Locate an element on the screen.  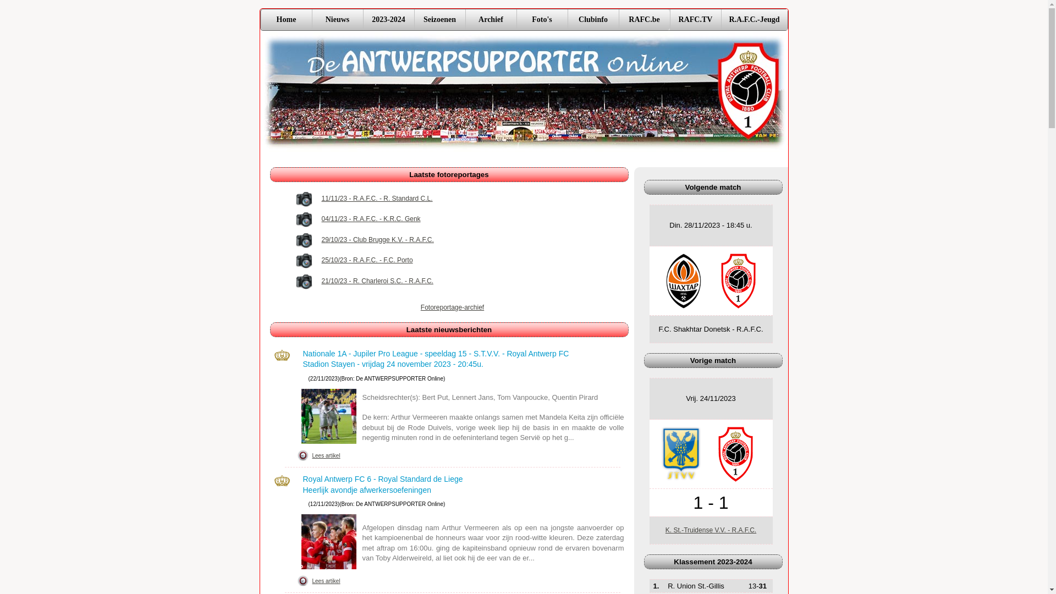
'Clubinfo' is located at coordinates (592, 19).